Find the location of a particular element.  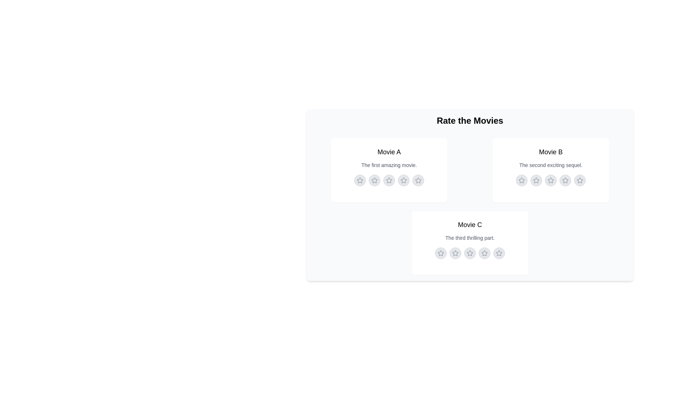

the pointer through the hollow gray star graphic representing the second star in the rating scale for 'Movie B' is located at coordinates (550, 180).